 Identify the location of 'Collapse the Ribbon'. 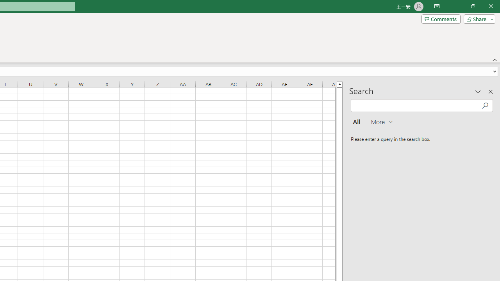
(495, 59).